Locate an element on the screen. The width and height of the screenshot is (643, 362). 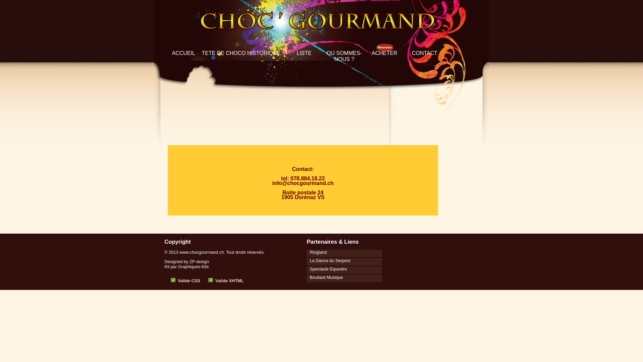
'Ringland' is located at coordinates (316, 252).